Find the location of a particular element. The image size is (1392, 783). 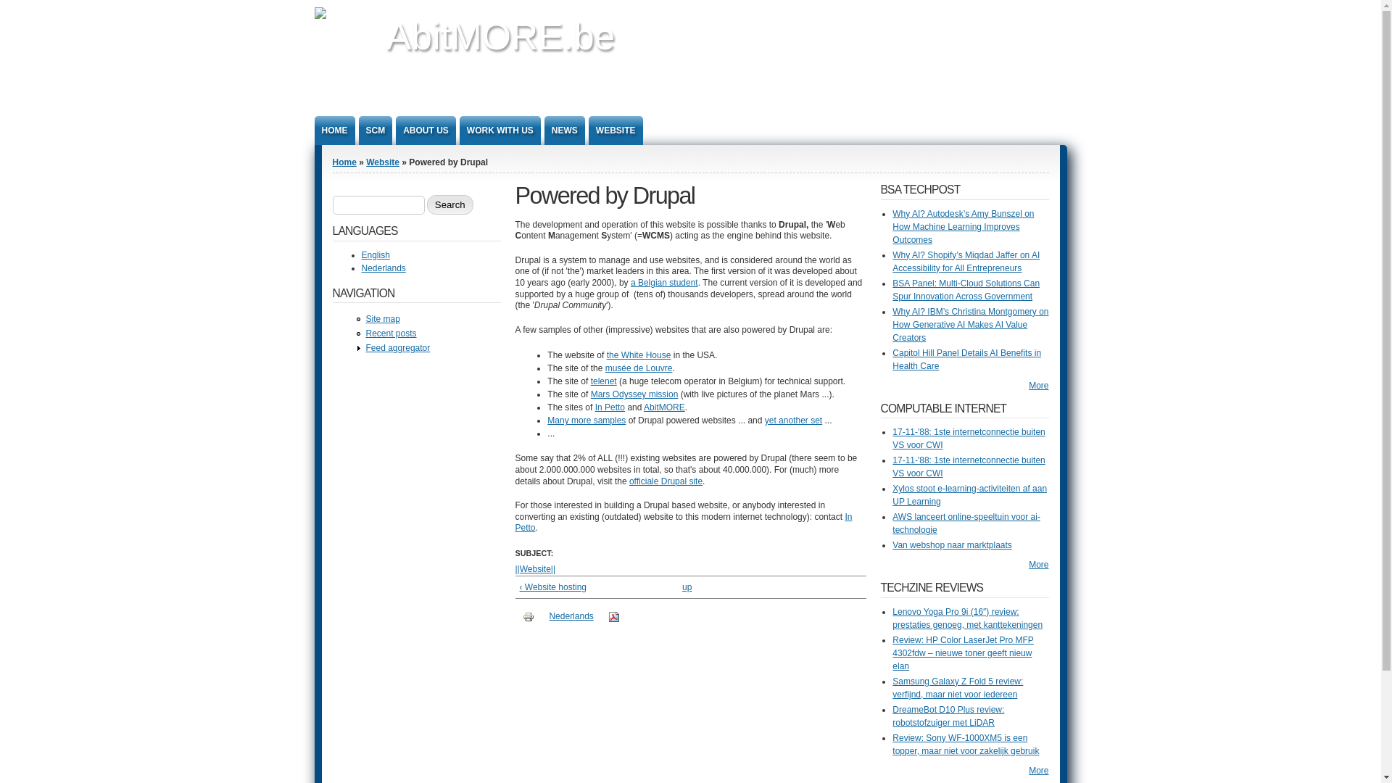

'AbitMORE.be' is located at coordinates (500, 36).